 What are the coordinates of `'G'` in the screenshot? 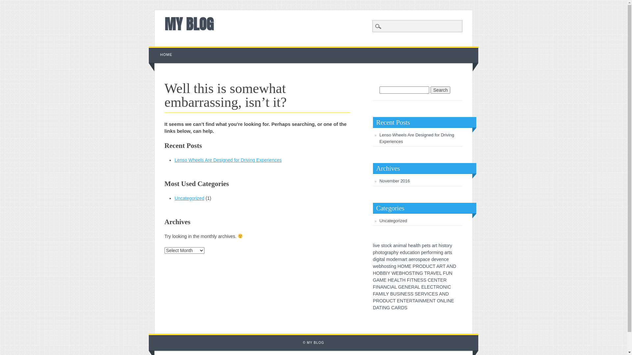 It's located at (388, 308).